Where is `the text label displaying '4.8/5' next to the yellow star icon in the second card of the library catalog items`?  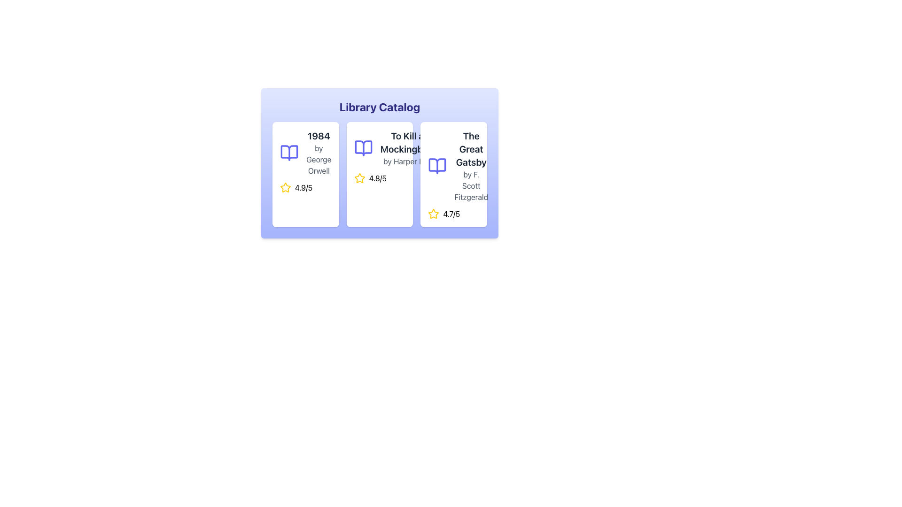
the text label displaying '4.8/5' next to the yellow star icon in the second card of the library catalog items is located at coordinates (378, 178).